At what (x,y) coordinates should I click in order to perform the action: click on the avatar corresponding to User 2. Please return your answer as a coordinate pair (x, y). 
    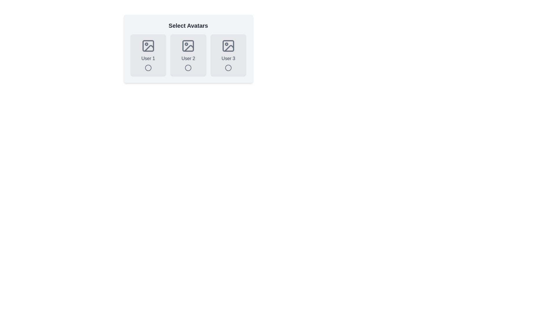
    Looking at the image, I should click on (188, 55).